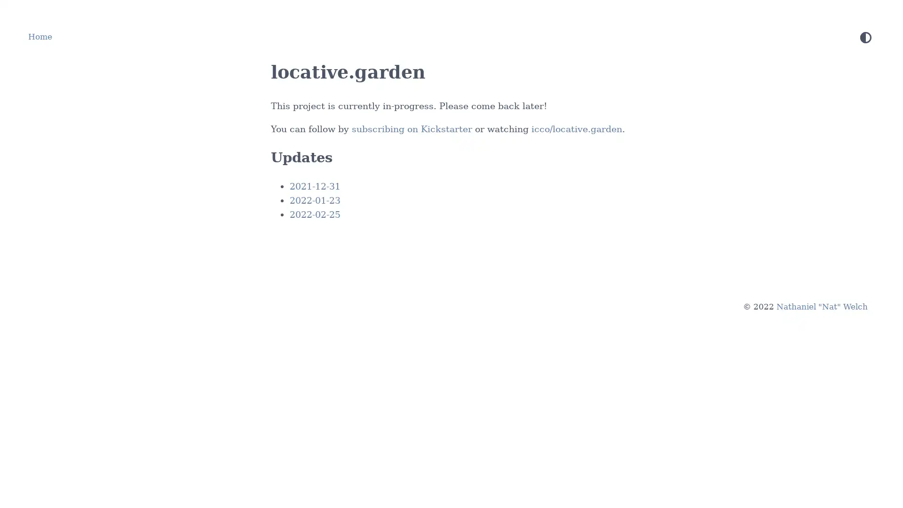  What do you see at coordinates (865, 37) in the screenshot?
I see `Cycle Color Mode` at bounding box center [865, 37].